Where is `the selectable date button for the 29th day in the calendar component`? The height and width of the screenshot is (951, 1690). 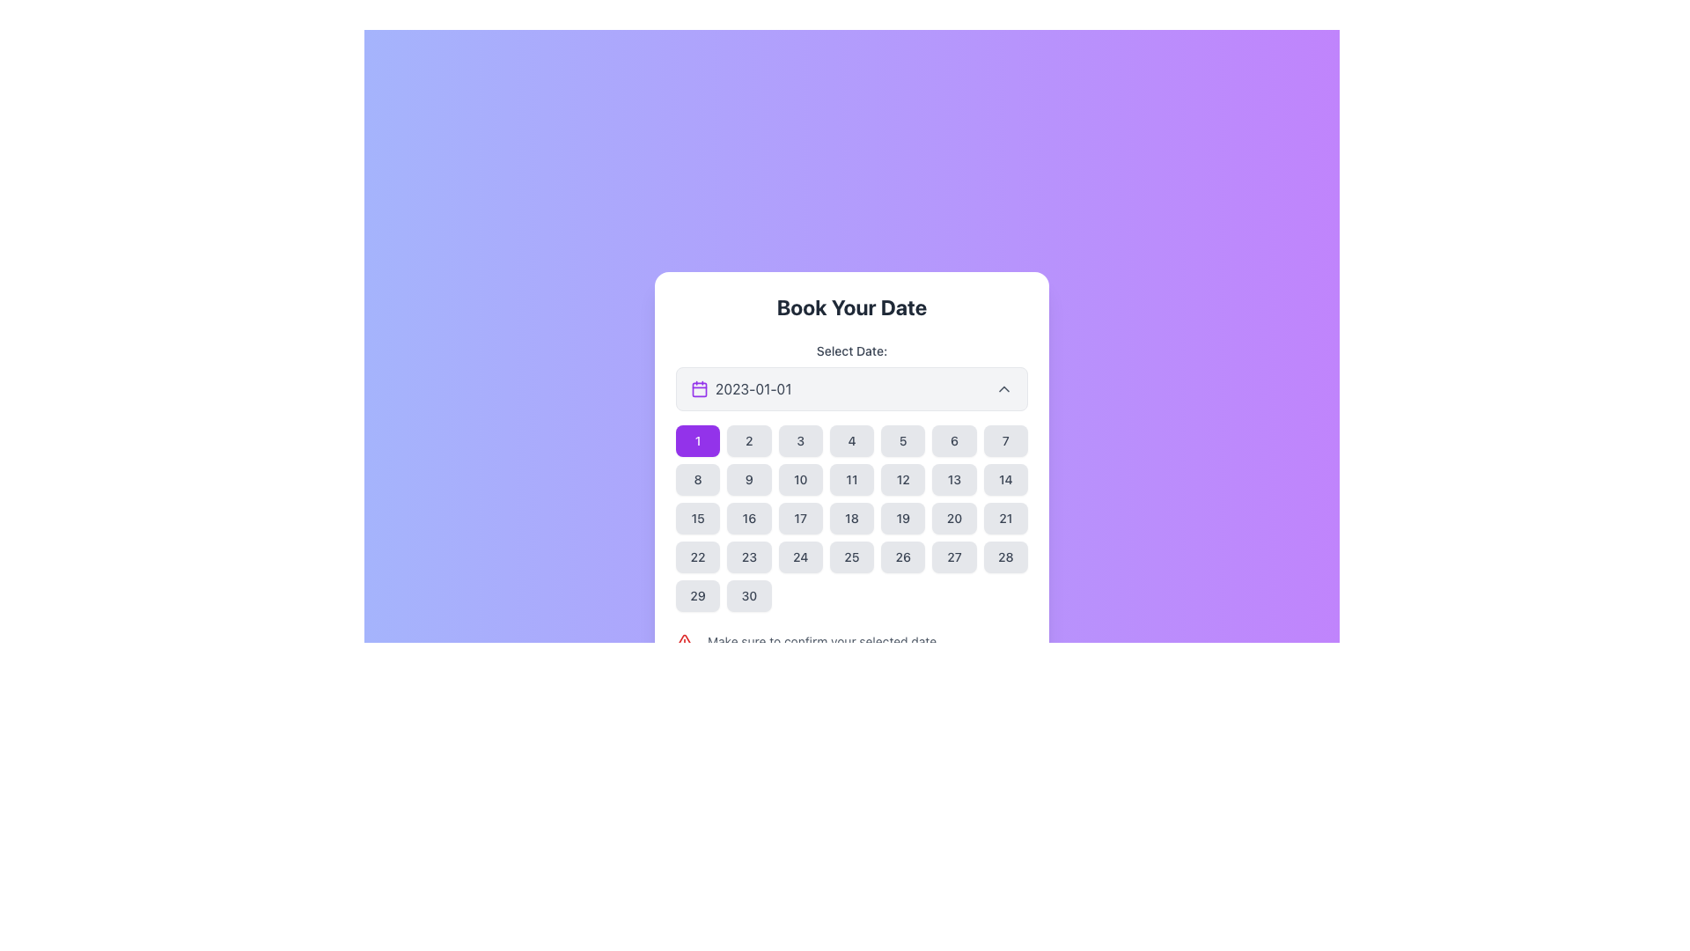 the selectable date button for the 29th day in the calendar component is located at coordinates (697, 595).